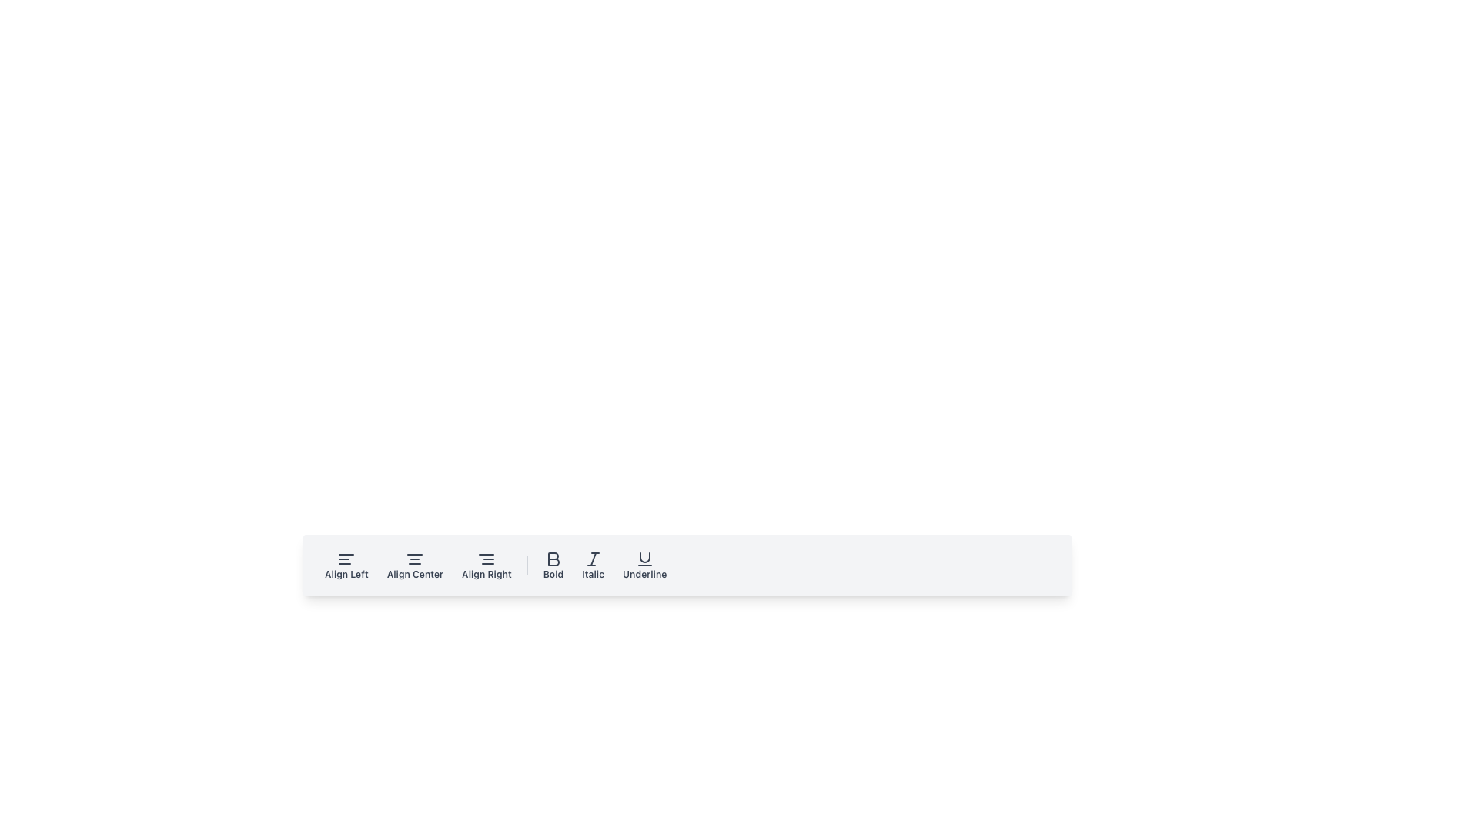  Describe the element at coordinates (644, 575) in the screenshot. I see `the Text Label that describes the Underline button in the formatting toolbar` at that location.